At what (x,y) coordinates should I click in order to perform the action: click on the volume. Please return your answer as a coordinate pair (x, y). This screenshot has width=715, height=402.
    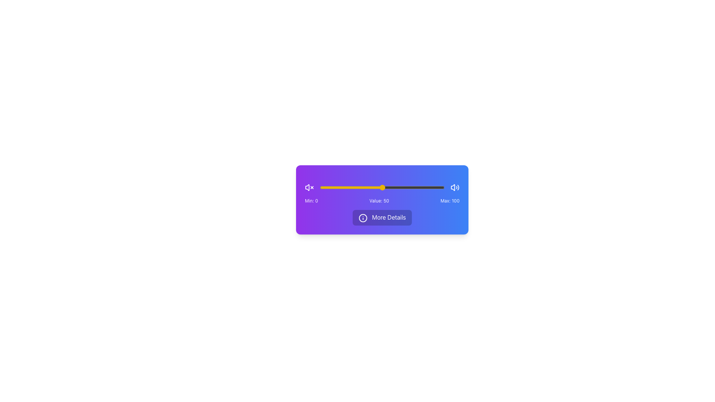
    Looking at the image, I should click on (411, 187).